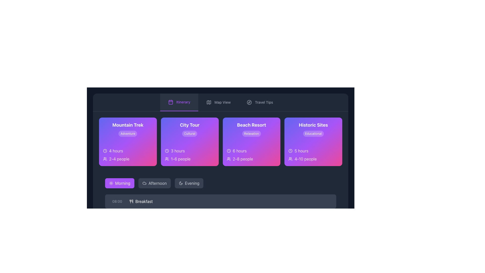  Describe the element at coordinates (243, 158) in the screenshot. I see `the text label displaying '2-8 people' in white font on a gradient pink-purple background, located at the bottom right corner of the 'Beach Resort' option card, just below the '6 hours' text` at that location.